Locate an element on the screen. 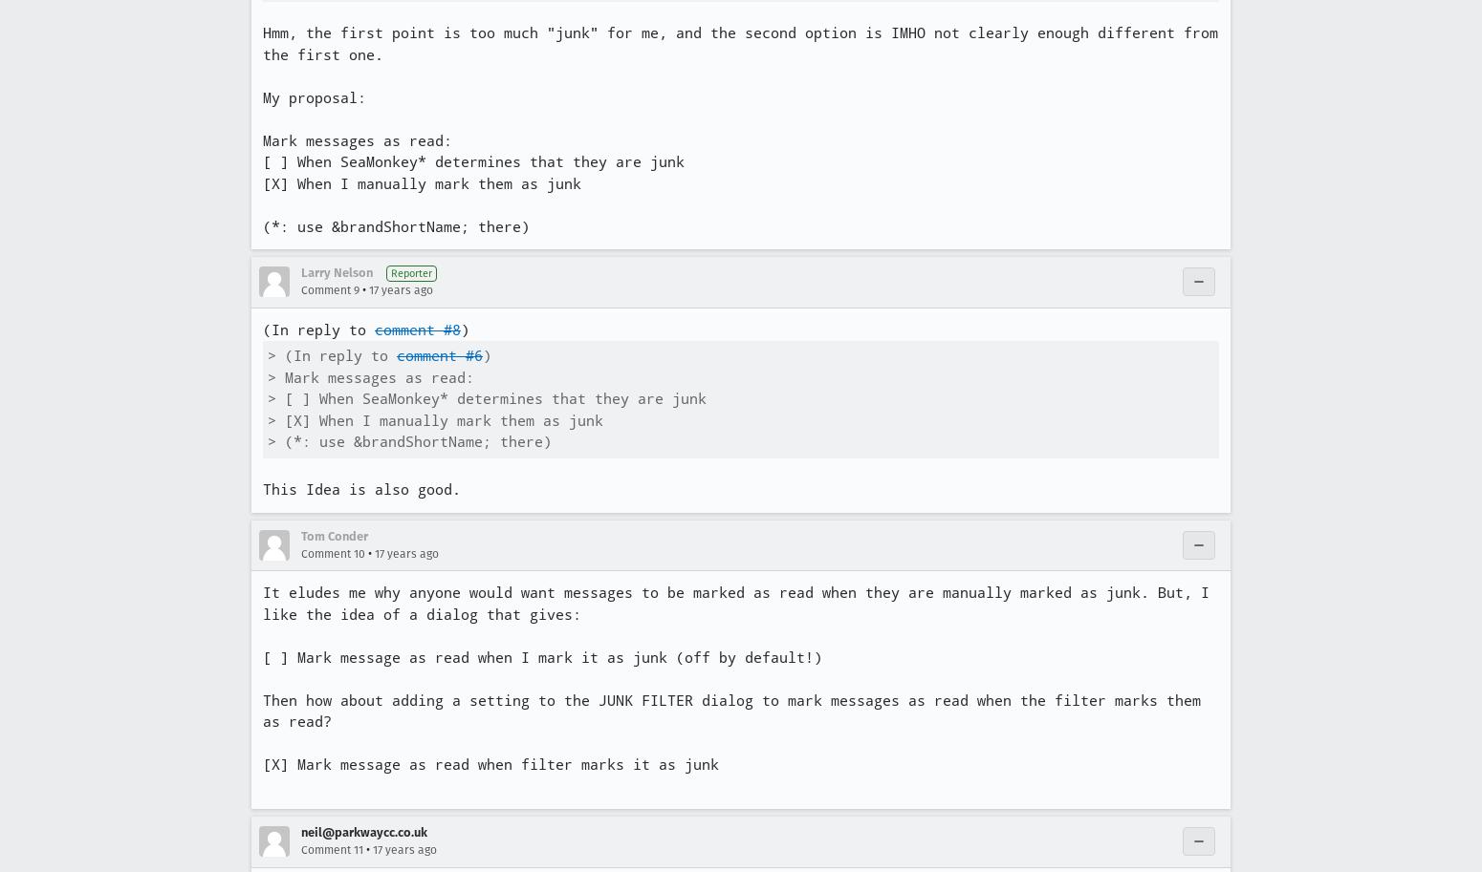 The width and height of the screenshot is (1482, 872). 'This Idea is also good.' is located at coordinates (360, 490).